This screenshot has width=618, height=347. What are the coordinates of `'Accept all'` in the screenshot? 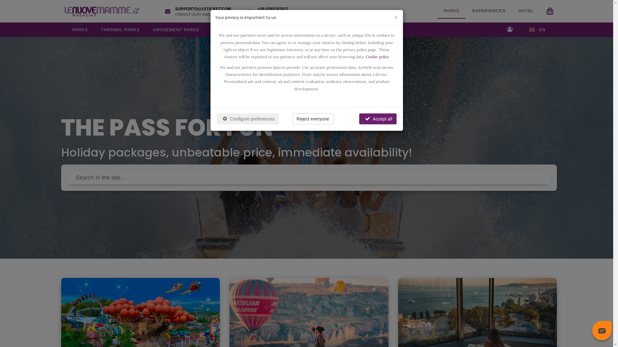 It's located at (378, 119).